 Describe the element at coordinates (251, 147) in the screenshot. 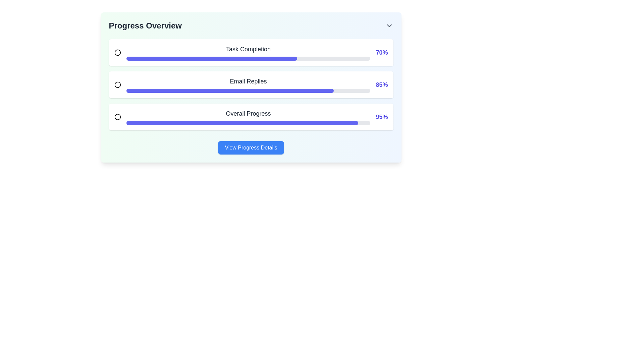

I see `the rectangular button with a blue background and white text reading 'View Progress Details' located at the bottom center of the progress information card` at that location.